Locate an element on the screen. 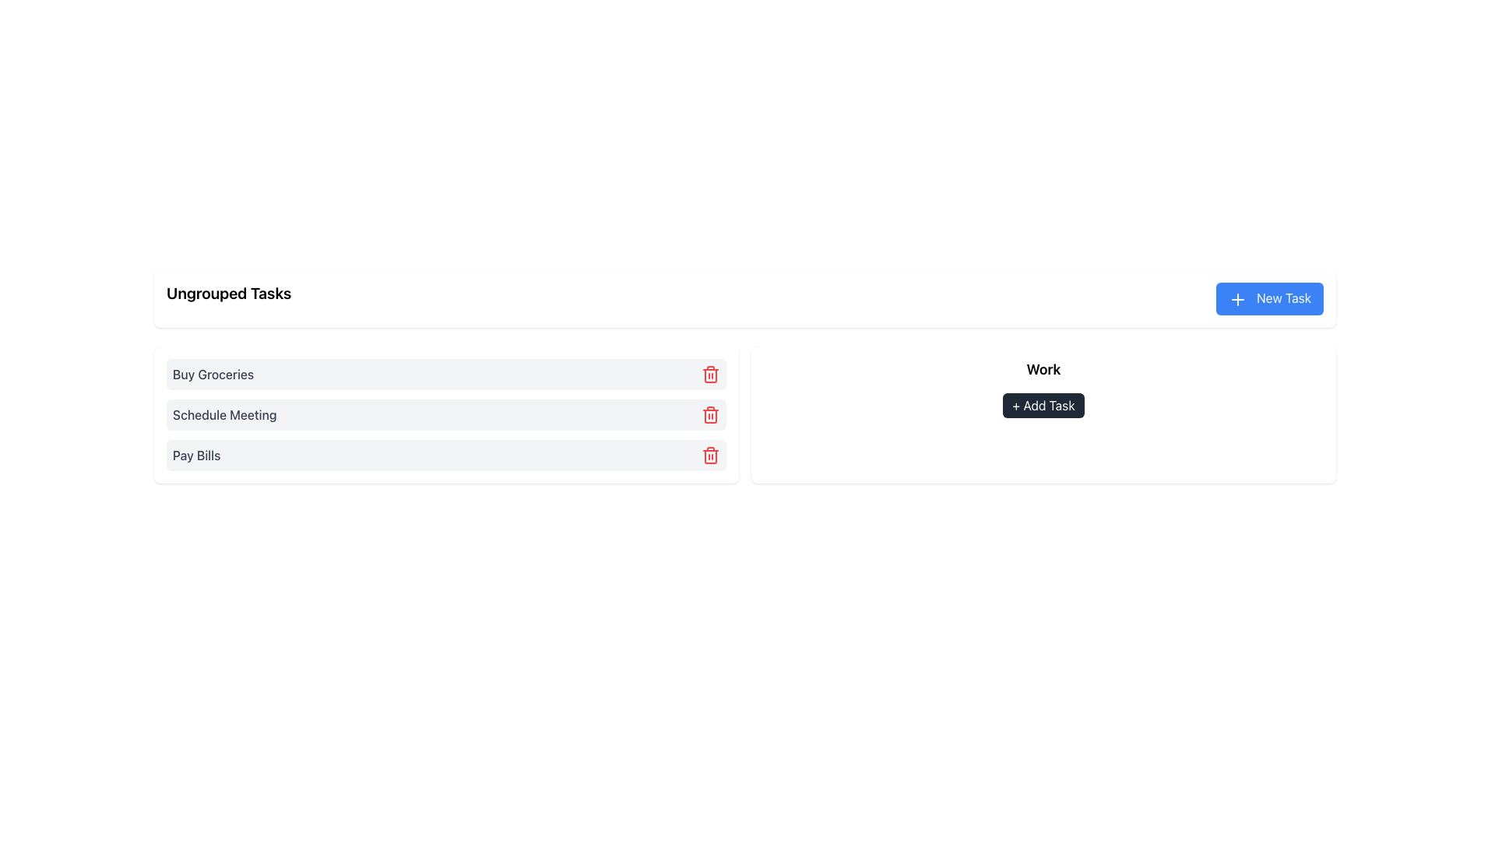 This screenshot has height=841, width=1495. the 'New Task' button icon, which serves as a visual indicator for adding a new task, located in the upper-right area of the layout is located at coordinates (1236, 299).